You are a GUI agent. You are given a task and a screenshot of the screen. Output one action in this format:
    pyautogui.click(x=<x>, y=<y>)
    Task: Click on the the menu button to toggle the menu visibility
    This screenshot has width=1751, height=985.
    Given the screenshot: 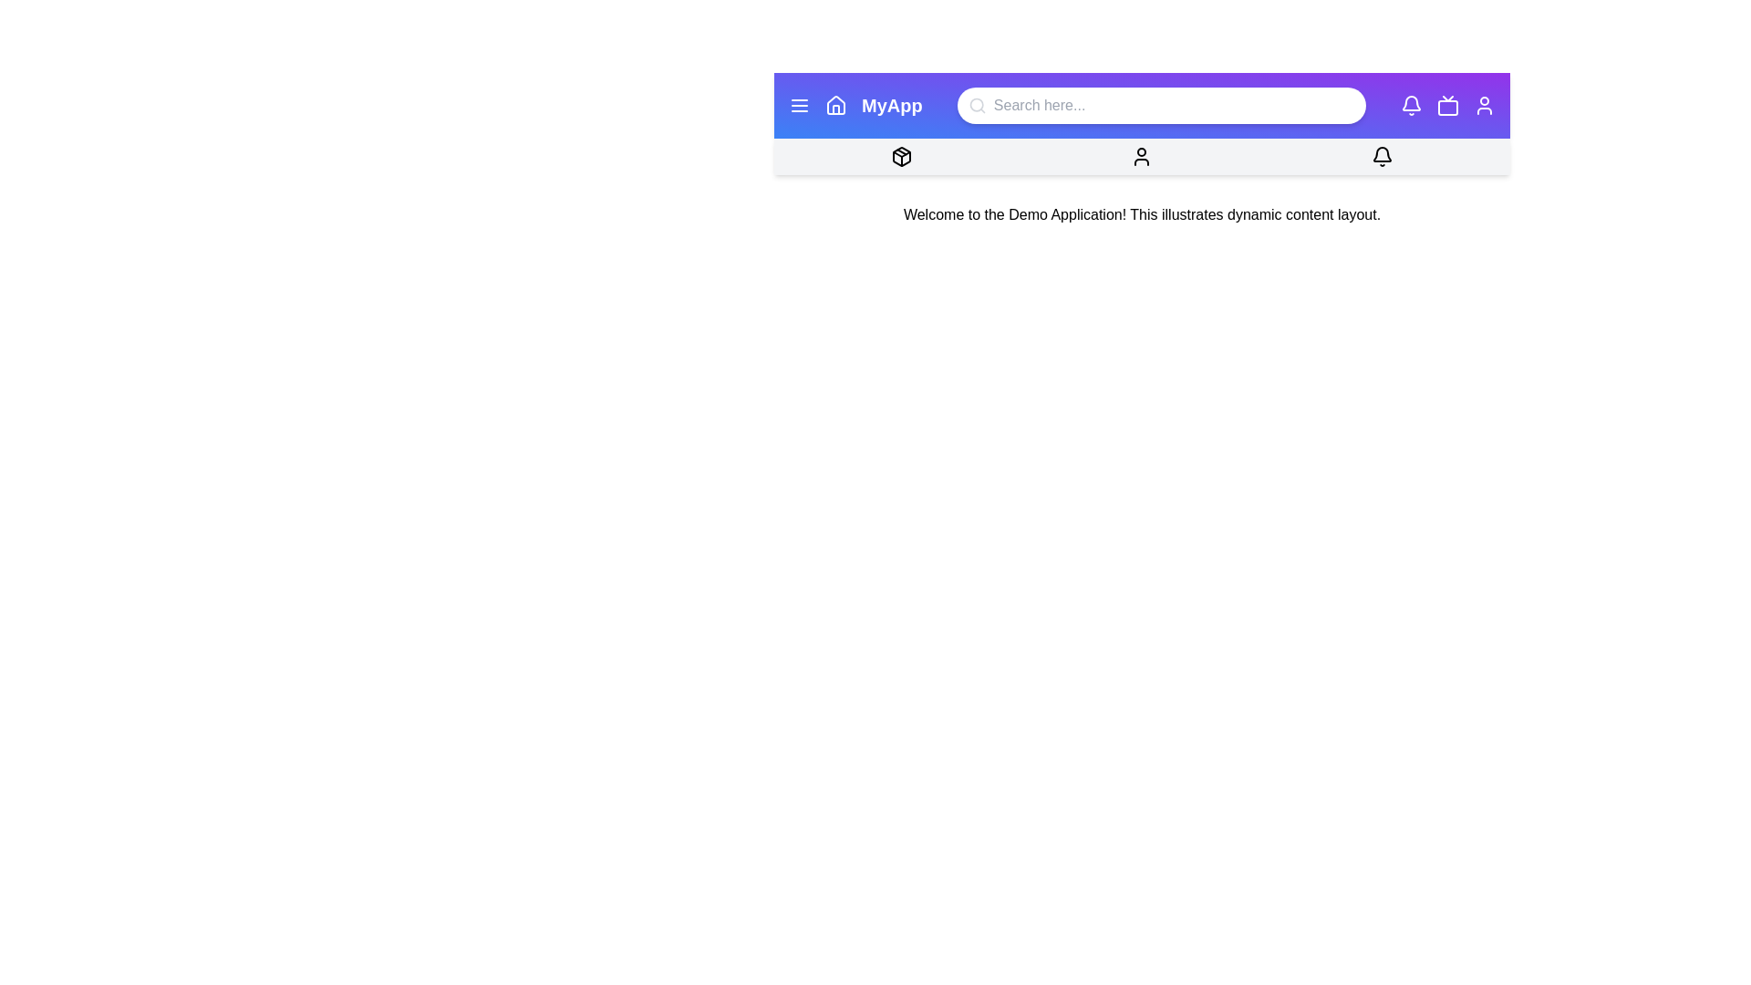 What is the action you would take?
    pyautogui.click(x=800, y=105)
    